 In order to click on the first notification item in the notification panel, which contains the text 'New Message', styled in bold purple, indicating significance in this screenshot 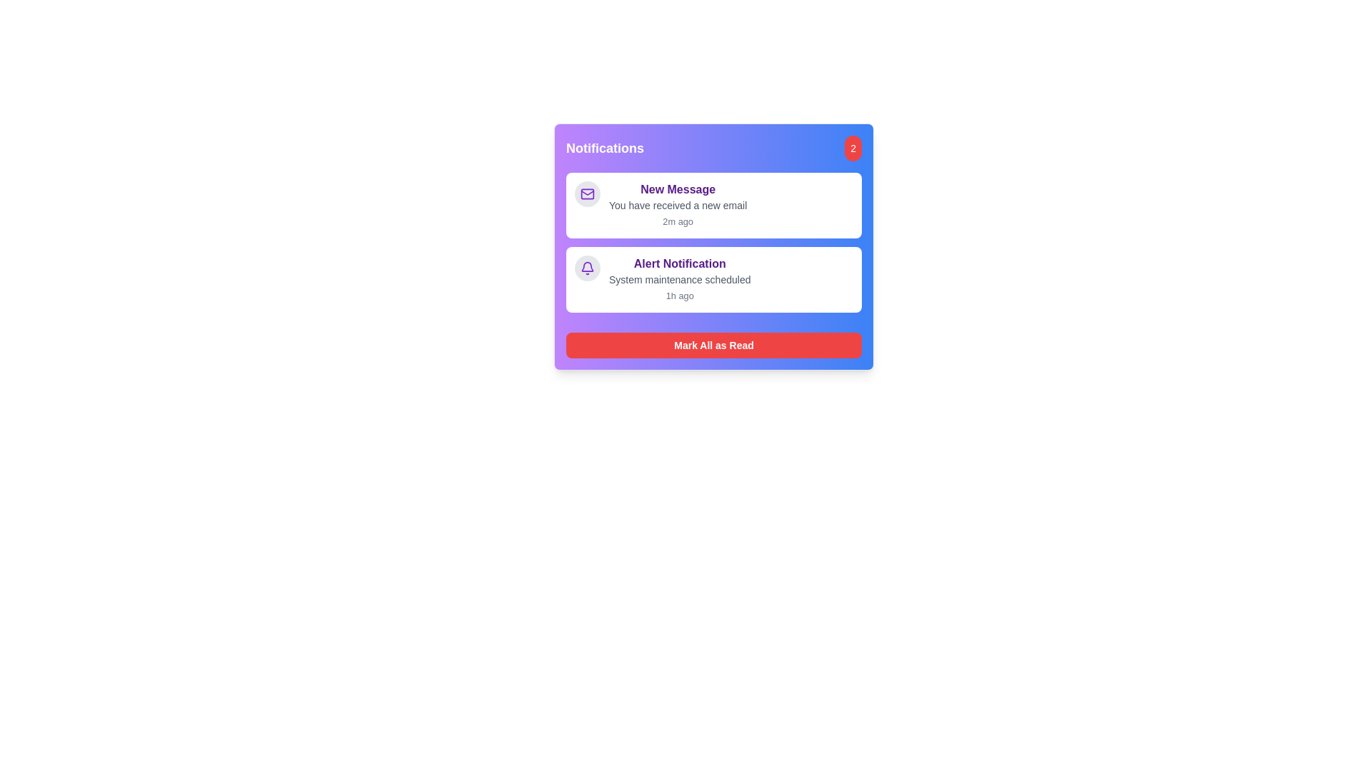, I will do `click(677, 206)`.